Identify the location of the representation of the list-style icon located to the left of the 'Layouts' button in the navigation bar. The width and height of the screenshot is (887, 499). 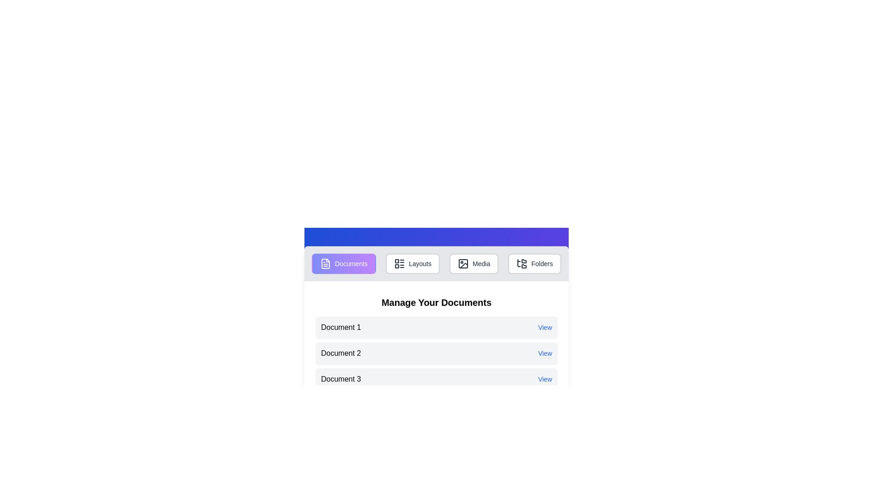
(399, 263).